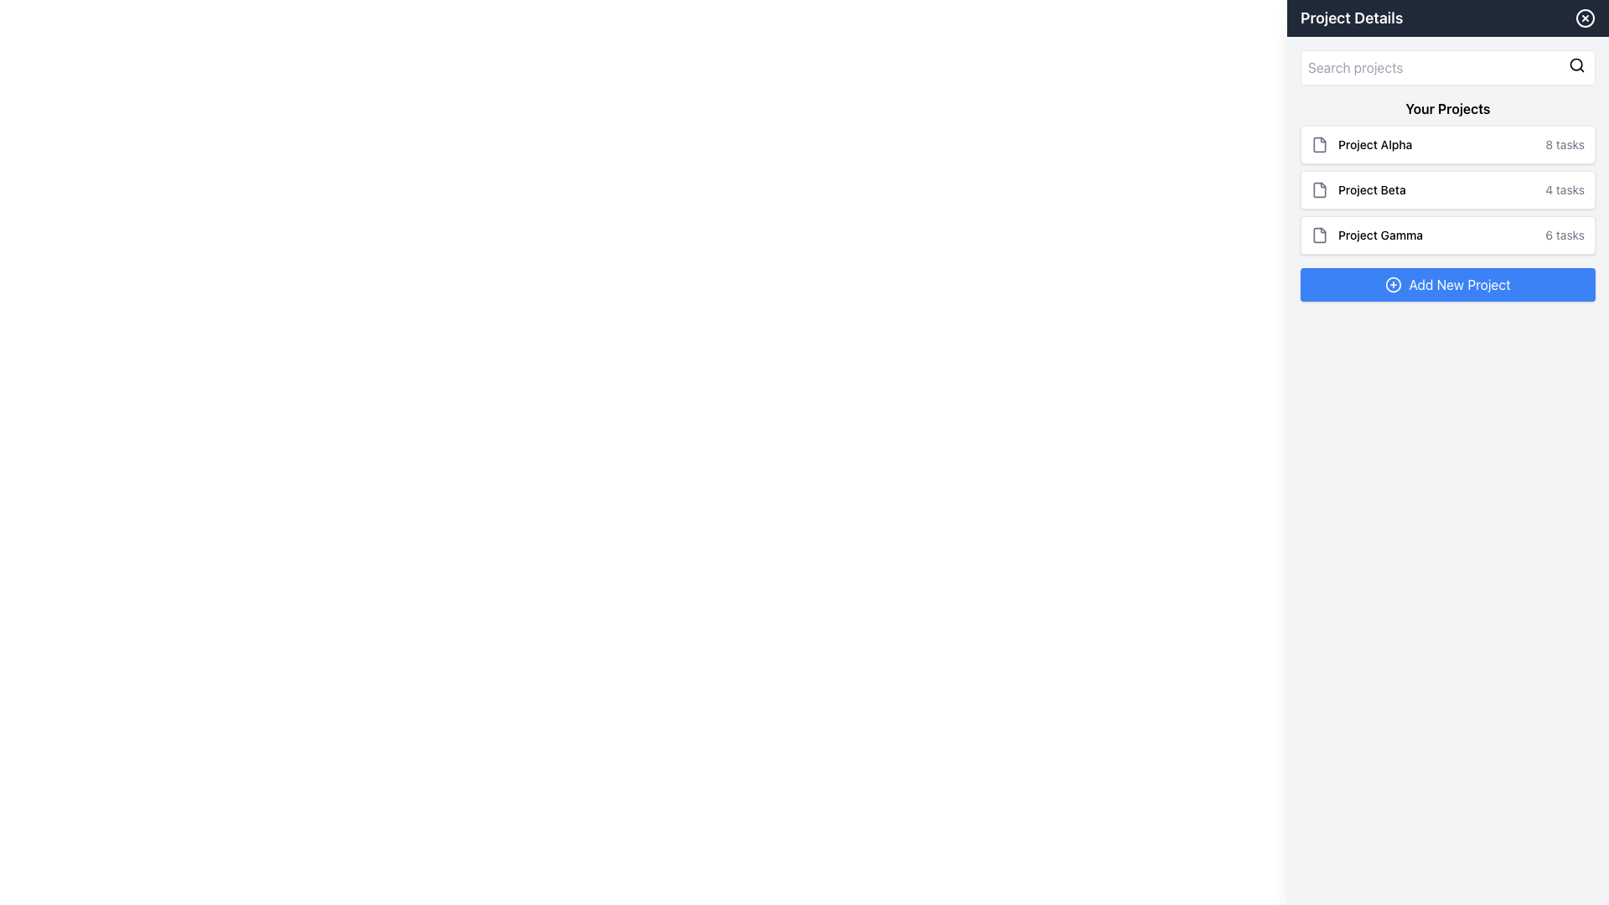  I want to click on the close button located at the top-right corner of the 'Project Details' header bar, so click(1584, 18).